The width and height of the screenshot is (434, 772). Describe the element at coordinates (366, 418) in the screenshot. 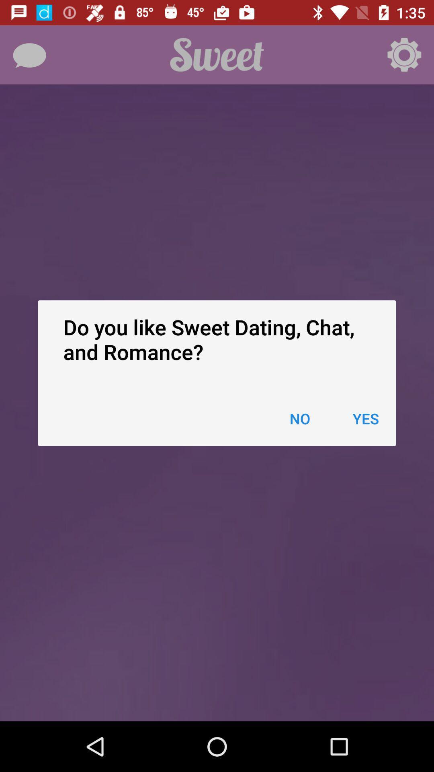

I see `the item to the right of the no item` at that location.